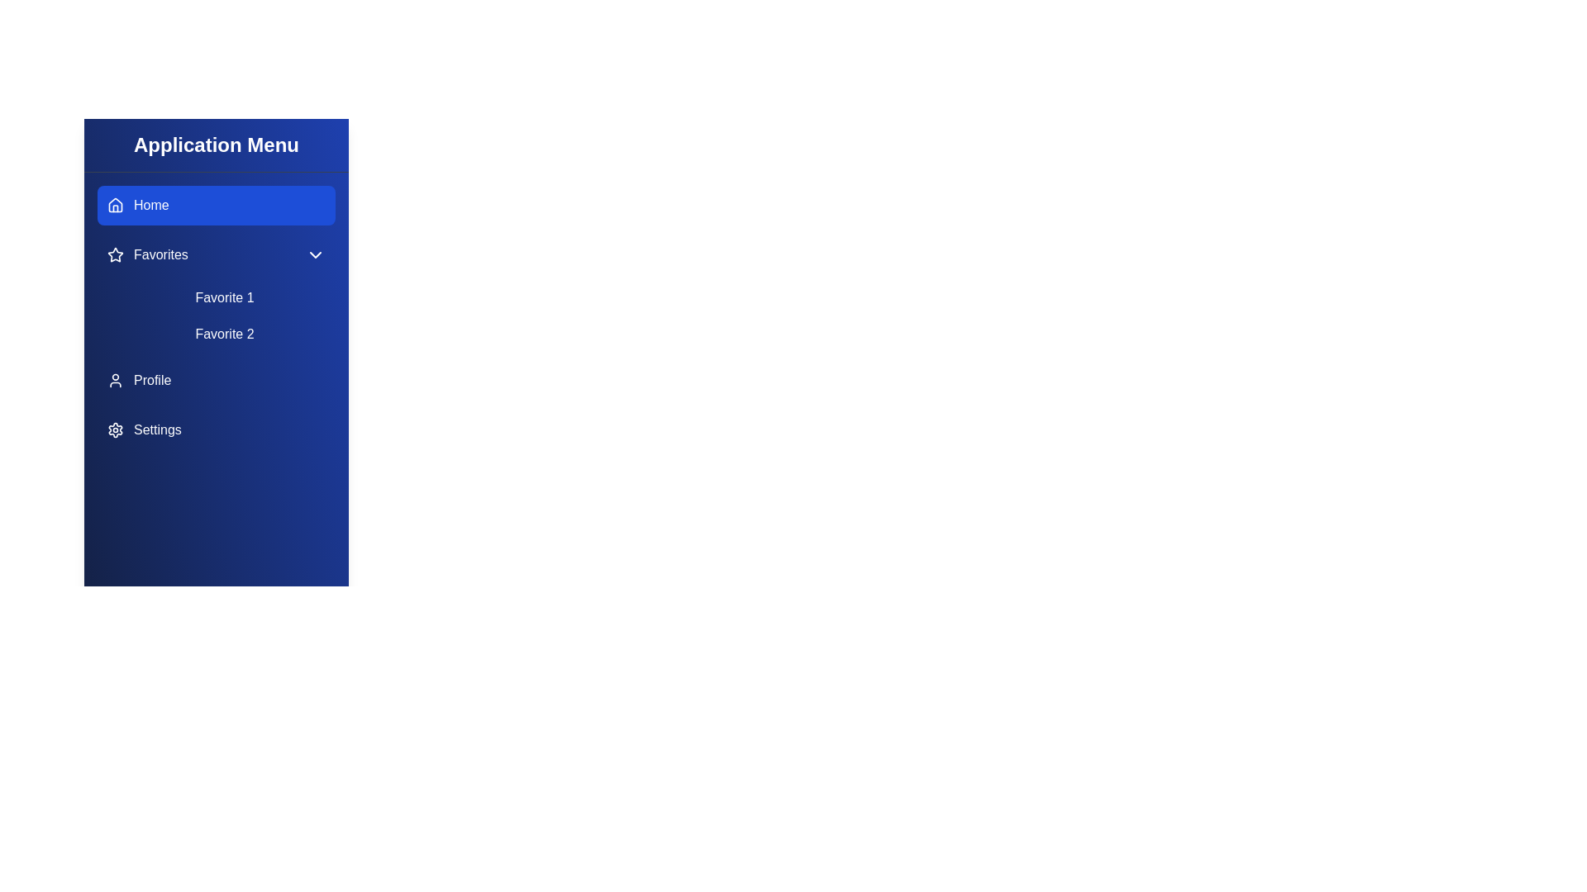 The height and width of the screenshot is (892, 1587). What do you see at coordinates (114, 203) in the screenshot?
I see `the home icon located in the main menu bar, to the left of the text 'Home'` at bounding box center [114, 203].